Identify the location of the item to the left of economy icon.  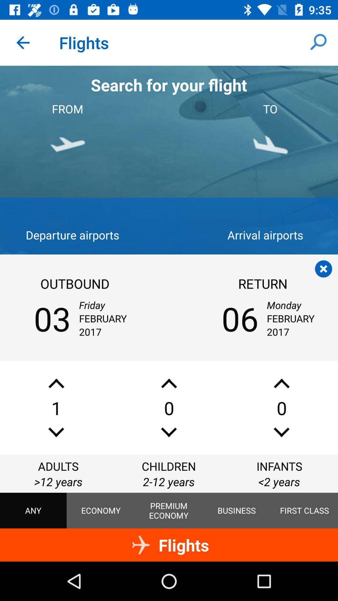
(33, 511).